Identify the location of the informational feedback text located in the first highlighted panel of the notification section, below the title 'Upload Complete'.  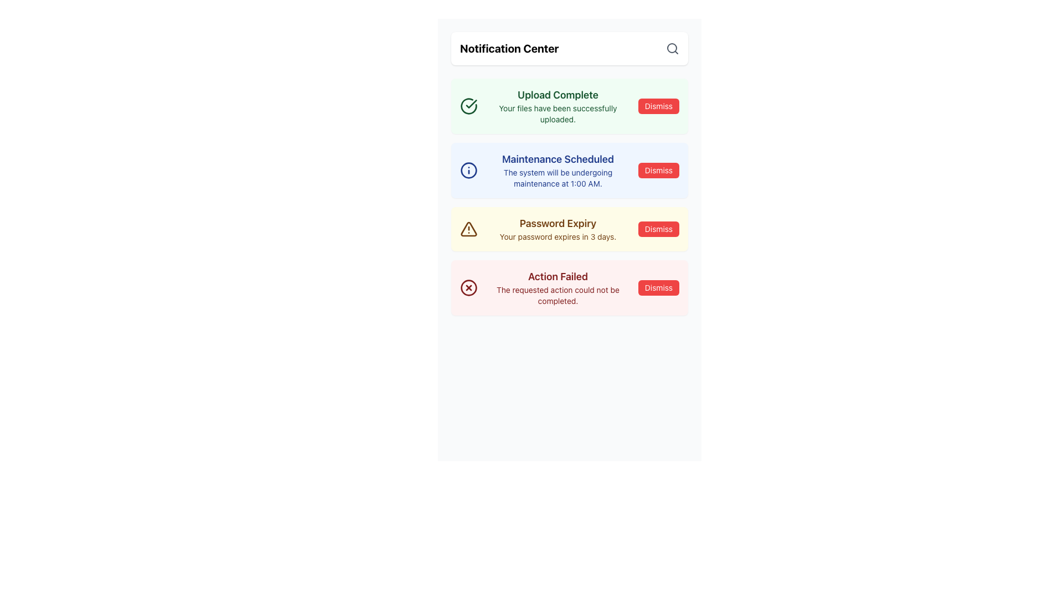
(558, 114).